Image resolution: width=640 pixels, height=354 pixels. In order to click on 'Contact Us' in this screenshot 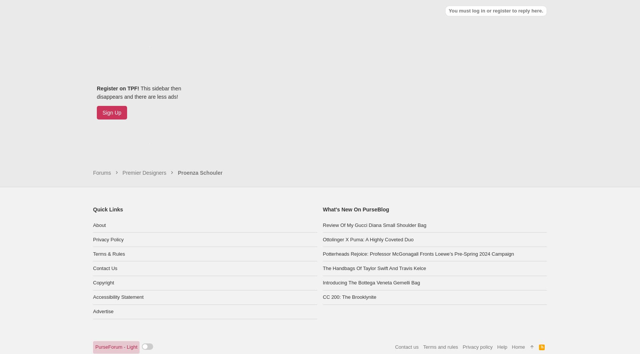, I will do `click(105, 231)`.